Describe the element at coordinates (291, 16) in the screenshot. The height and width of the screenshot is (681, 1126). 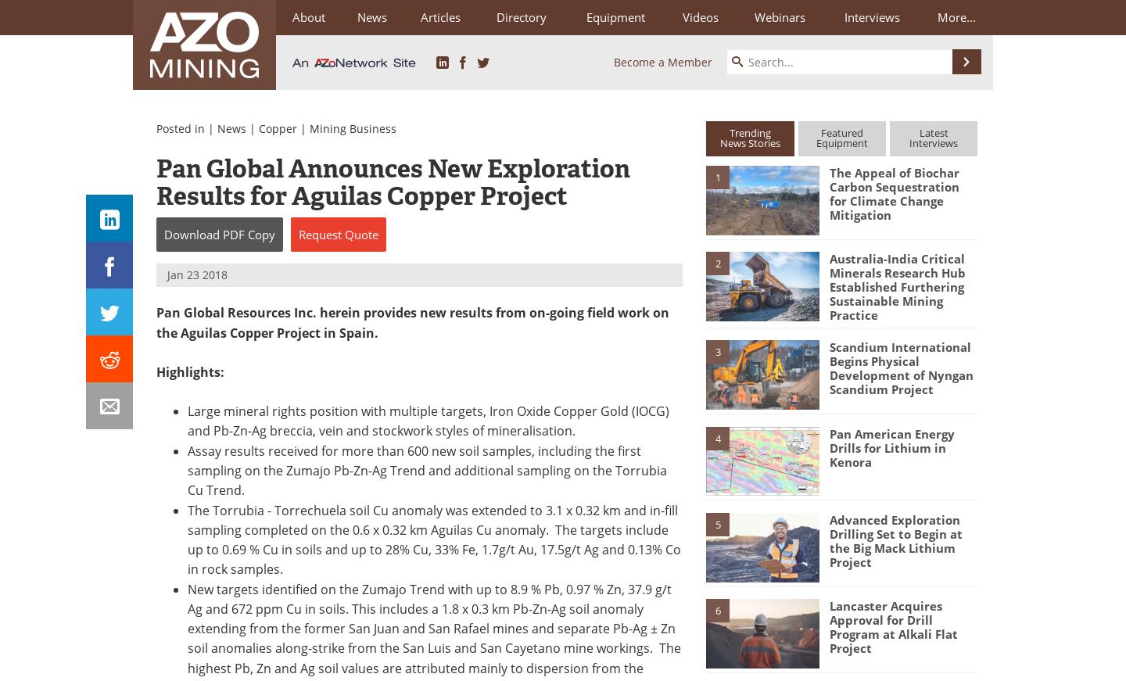
I see `'About'` at that location.